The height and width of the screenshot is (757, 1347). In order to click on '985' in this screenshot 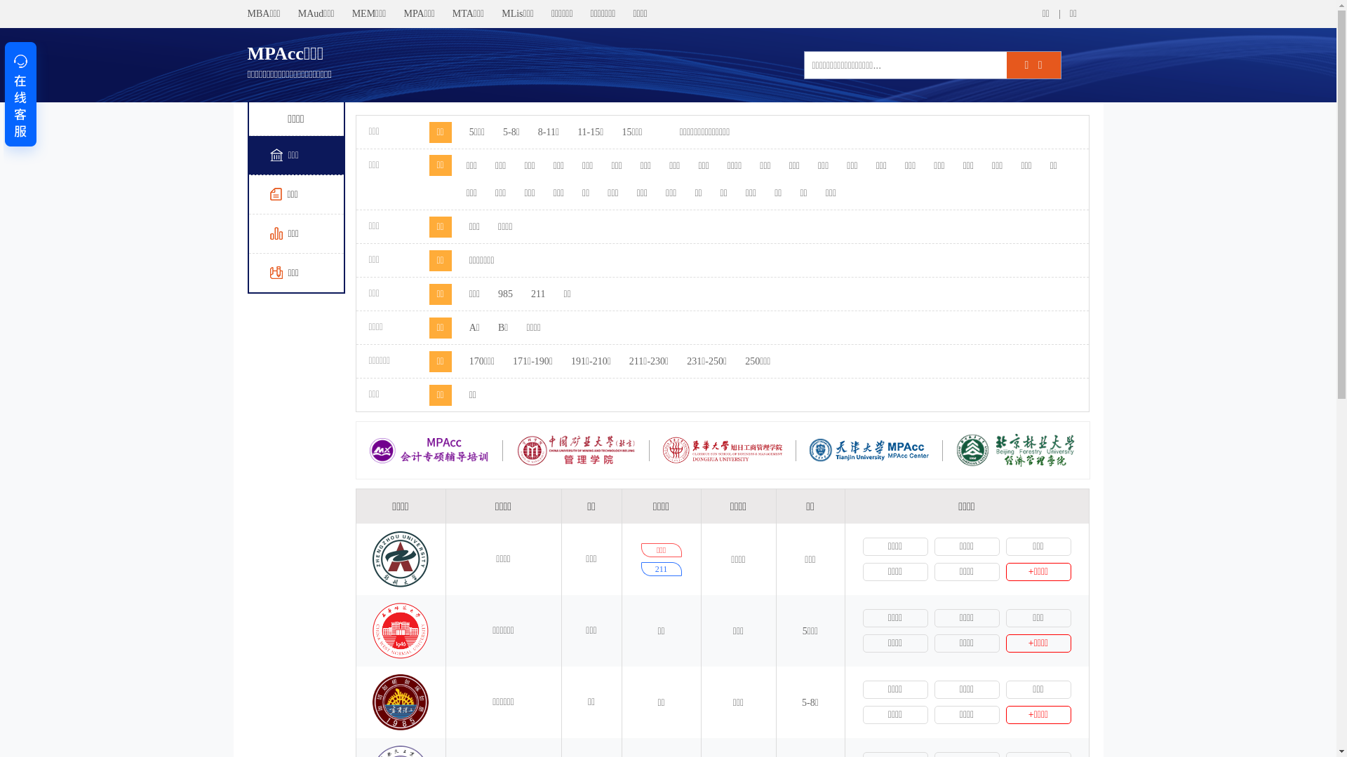, I will do `click(505, 294)`.